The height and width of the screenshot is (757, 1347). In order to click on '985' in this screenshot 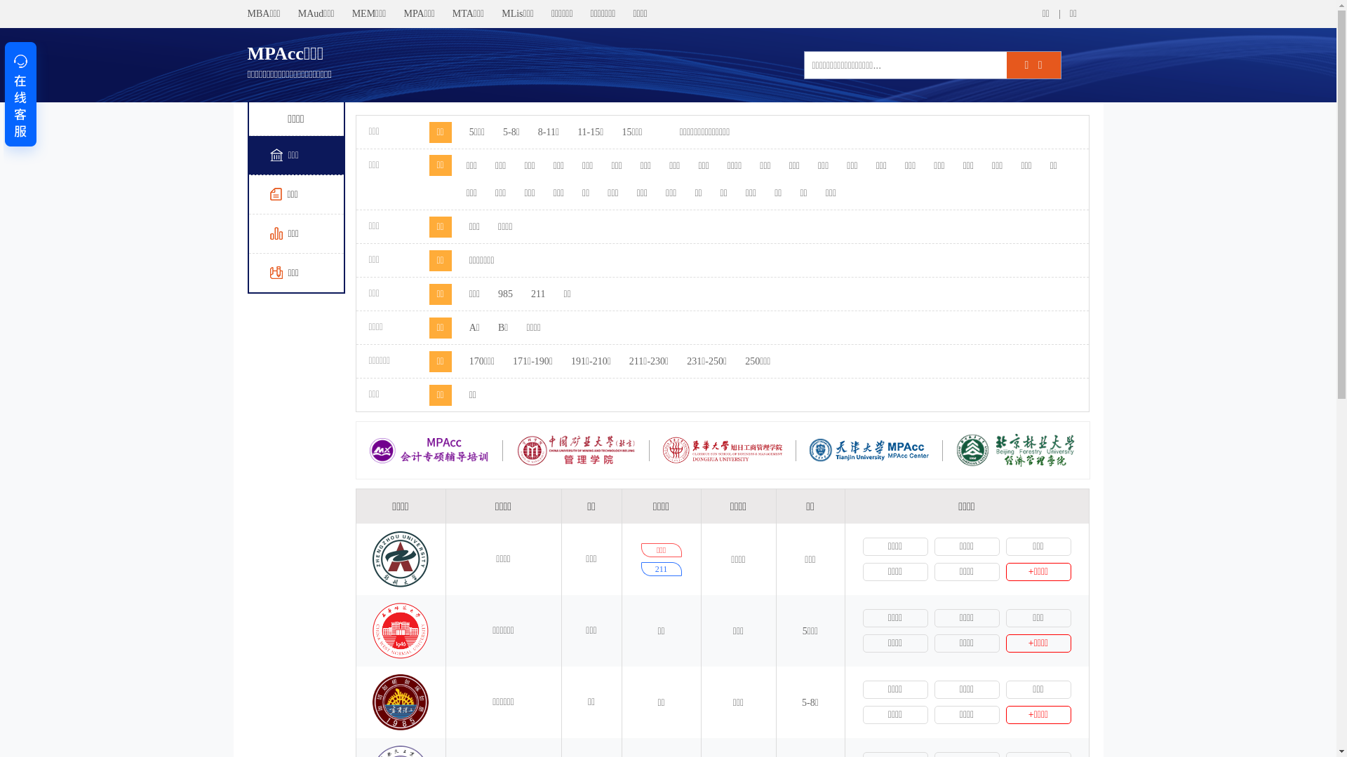, I will do `click(505, 294)`.